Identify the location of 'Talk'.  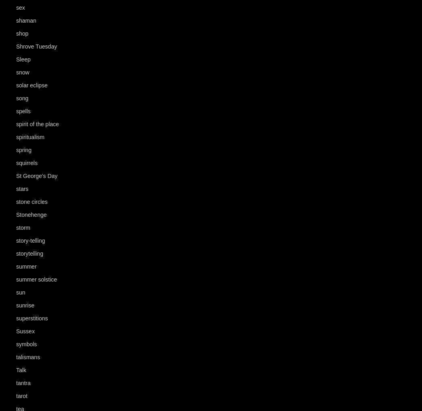
(15, 370).